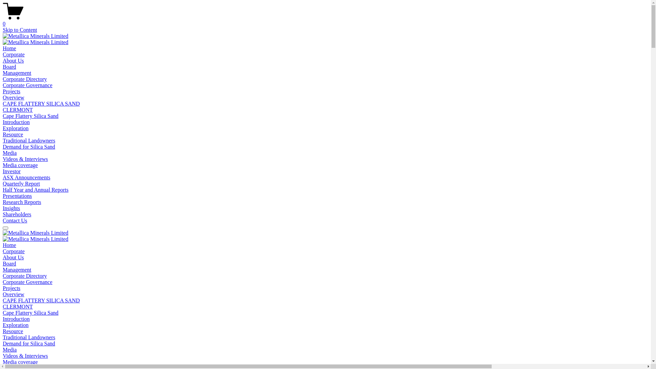  Describe the element at coordinates (13, 257) in the screenshot. I see `'About Us'` at that location.